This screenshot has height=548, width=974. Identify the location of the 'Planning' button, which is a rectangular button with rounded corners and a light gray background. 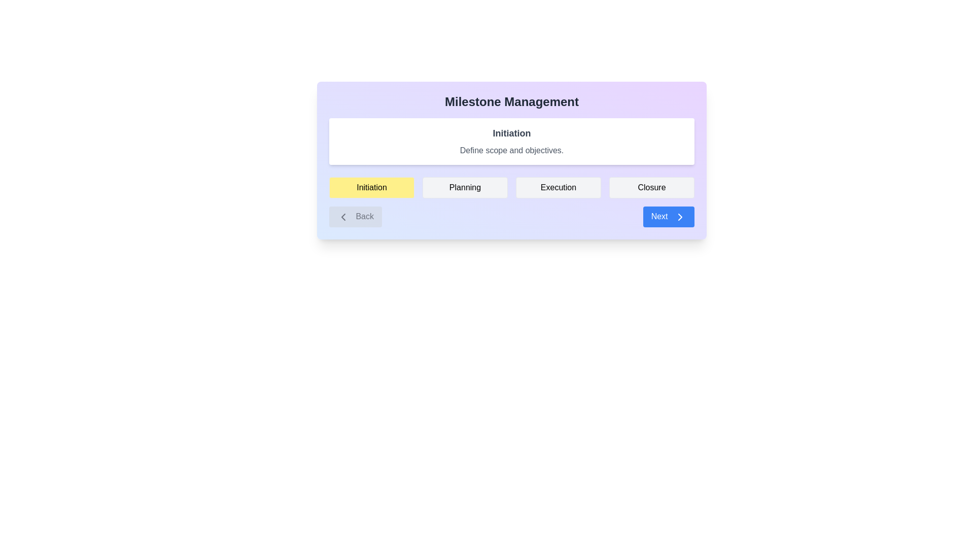
(464, 188).